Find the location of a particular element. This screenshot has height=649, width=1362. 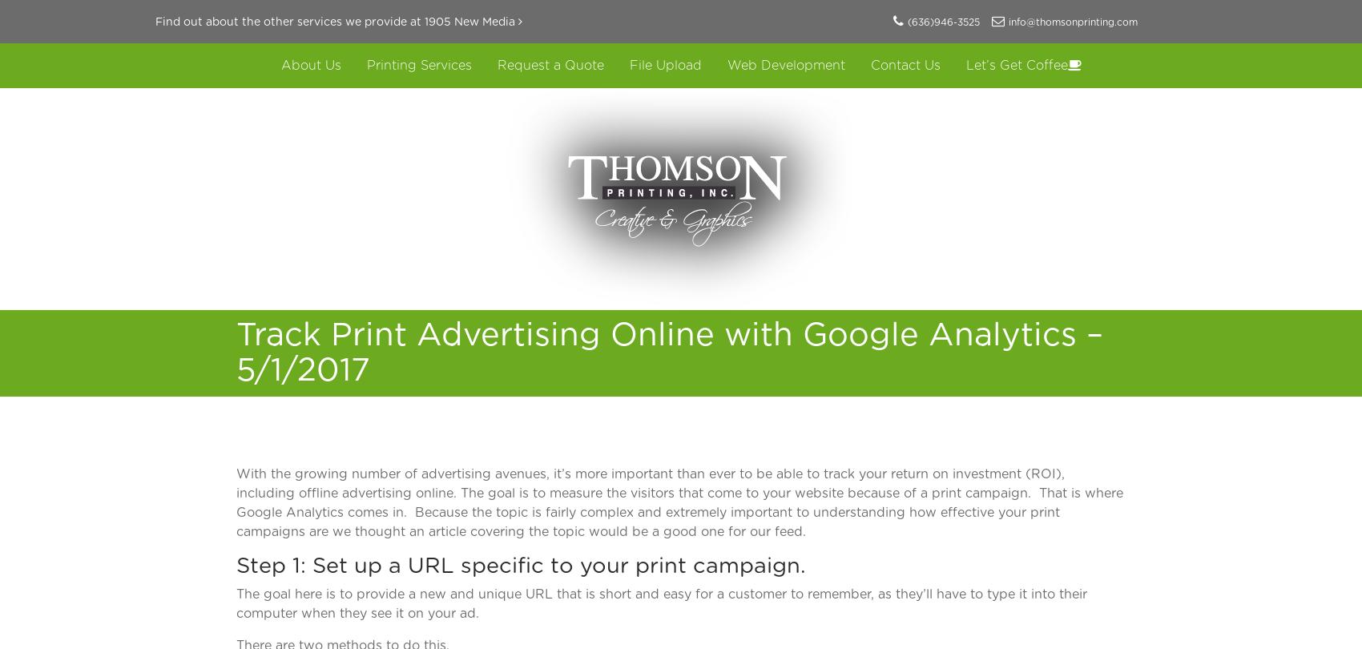

'Web Development' is located at coordinates (726, 65).